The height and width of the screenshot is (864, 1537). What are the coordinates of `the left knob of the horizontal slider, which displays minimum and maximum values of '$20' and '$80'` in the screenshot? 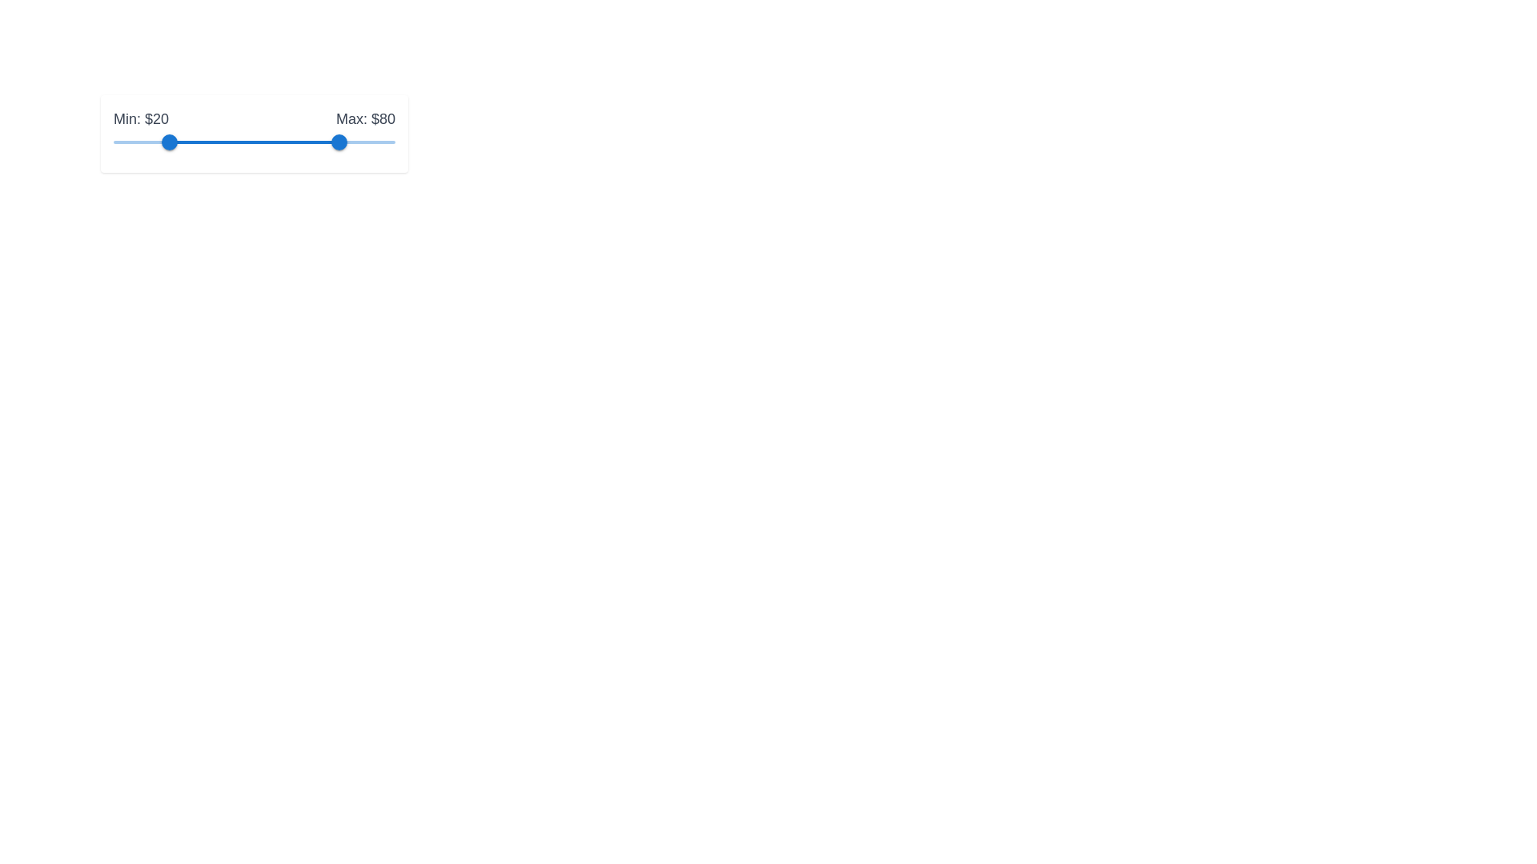 It's located at (253, 133).